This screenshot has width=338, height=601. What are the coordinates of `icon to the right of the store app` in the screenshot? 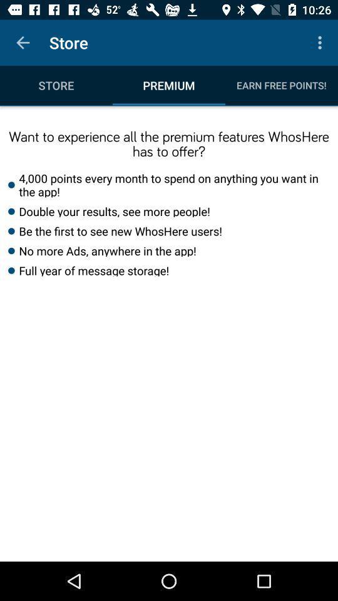 It's located at (321, 43).